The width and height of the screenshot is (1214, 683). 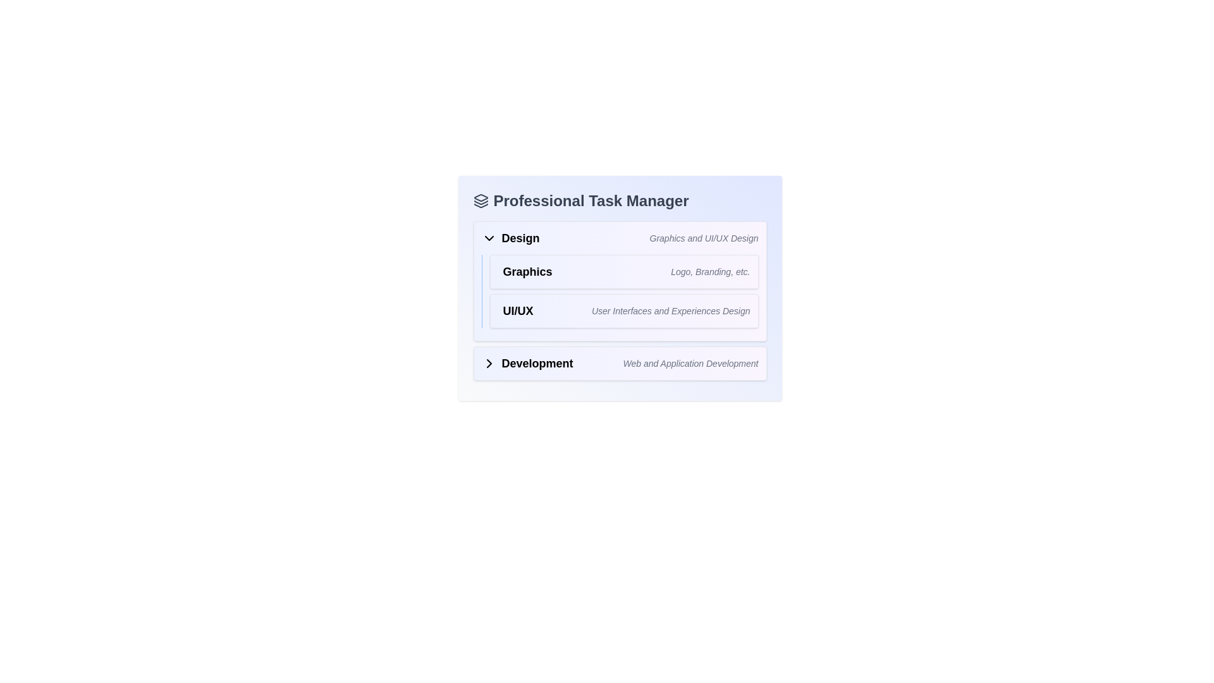 I want to click on the chevron icon located to the right of the 'Development' text entry, so click(x=488, y=363).